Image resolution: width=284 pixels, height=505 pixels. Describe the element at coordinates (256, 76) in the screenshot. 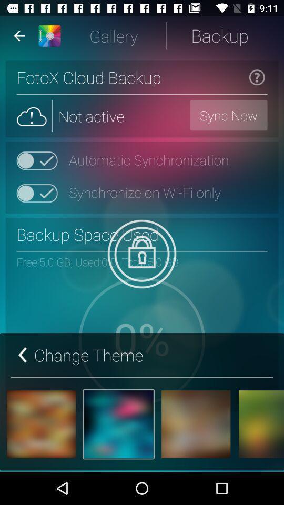

I see `the help icon` at that location.